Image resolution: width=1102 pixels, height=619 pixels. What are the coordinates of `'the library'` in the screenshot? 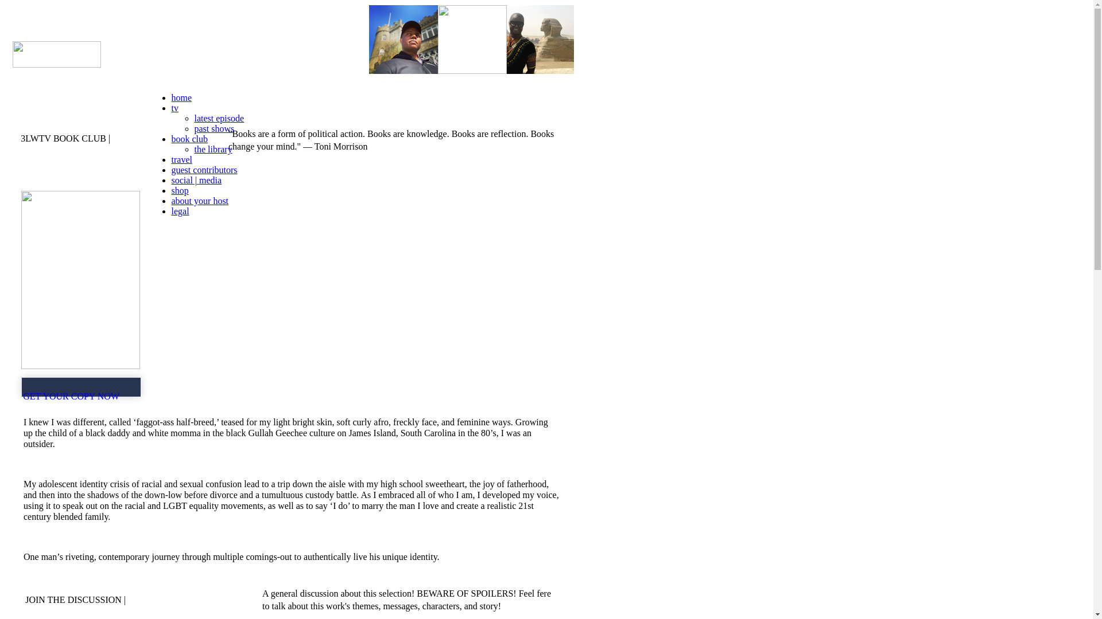 It's located at (212, 148).